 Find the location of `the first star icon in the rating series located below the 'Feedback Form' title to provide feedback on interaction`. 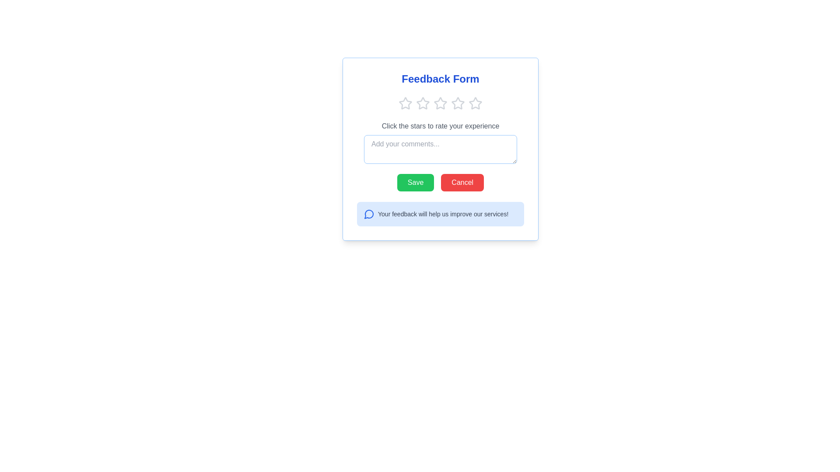

the first star icon in the rating series located below the 'Feedback Form' title to provide feedback on interaction is located at coordinates (405, 103).